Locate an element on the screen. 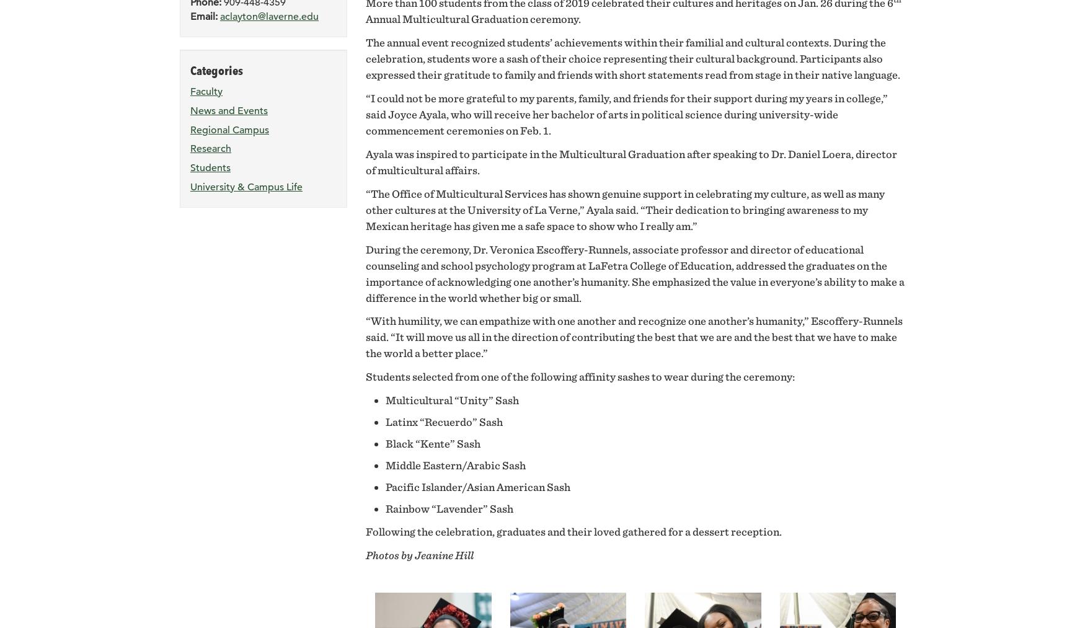 The image size is (1085, 628). 'Email:' is located at coordinates (189, 16).